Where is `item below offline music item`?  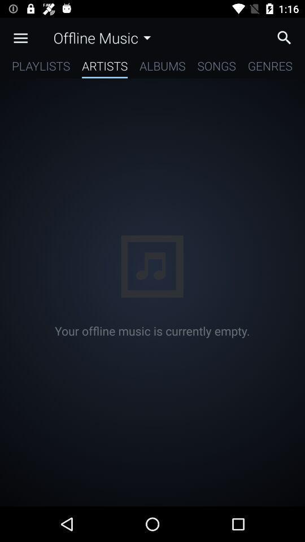
item below offline music item is located at coordinates (104, 68).